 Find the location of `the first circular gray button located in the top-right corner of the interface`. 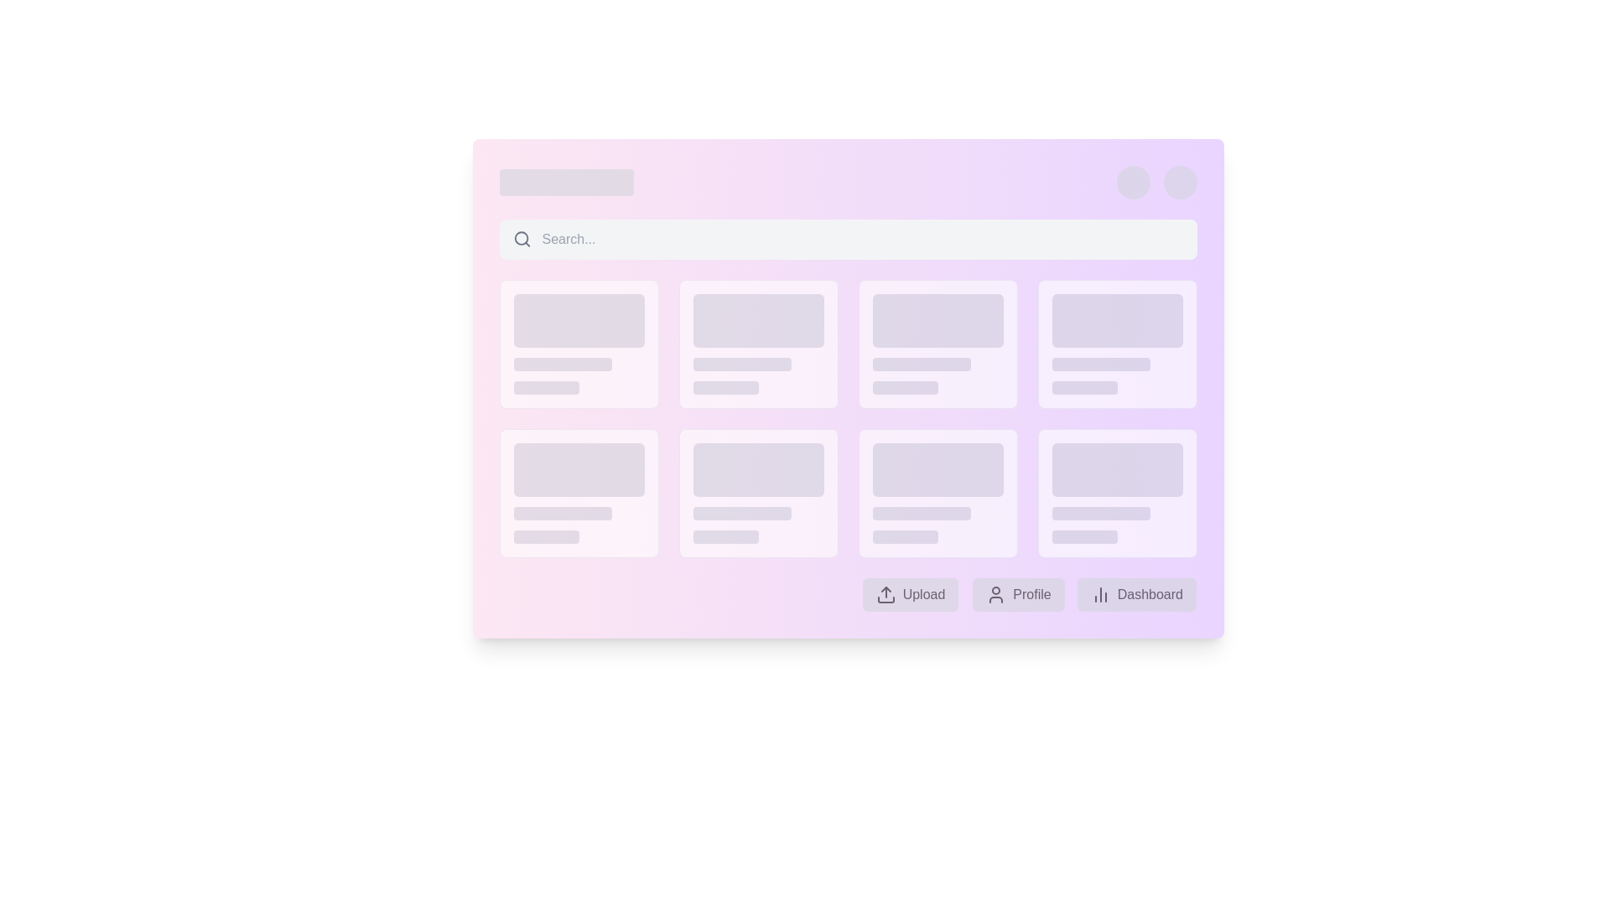

the first circular gray button located in the top-right corner of the interface is located at coordinates (1133, 183).